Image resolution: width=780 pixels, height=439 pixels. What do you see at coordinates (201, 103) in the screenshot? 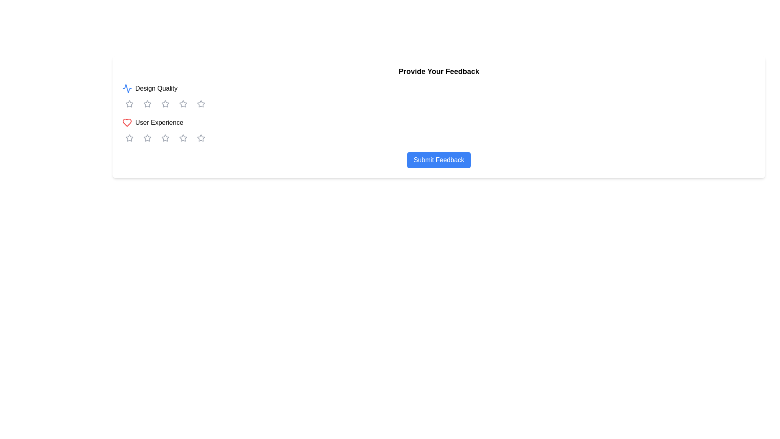
I see `the fifth star-shaped rating icon` at bounding box center [201, 103].